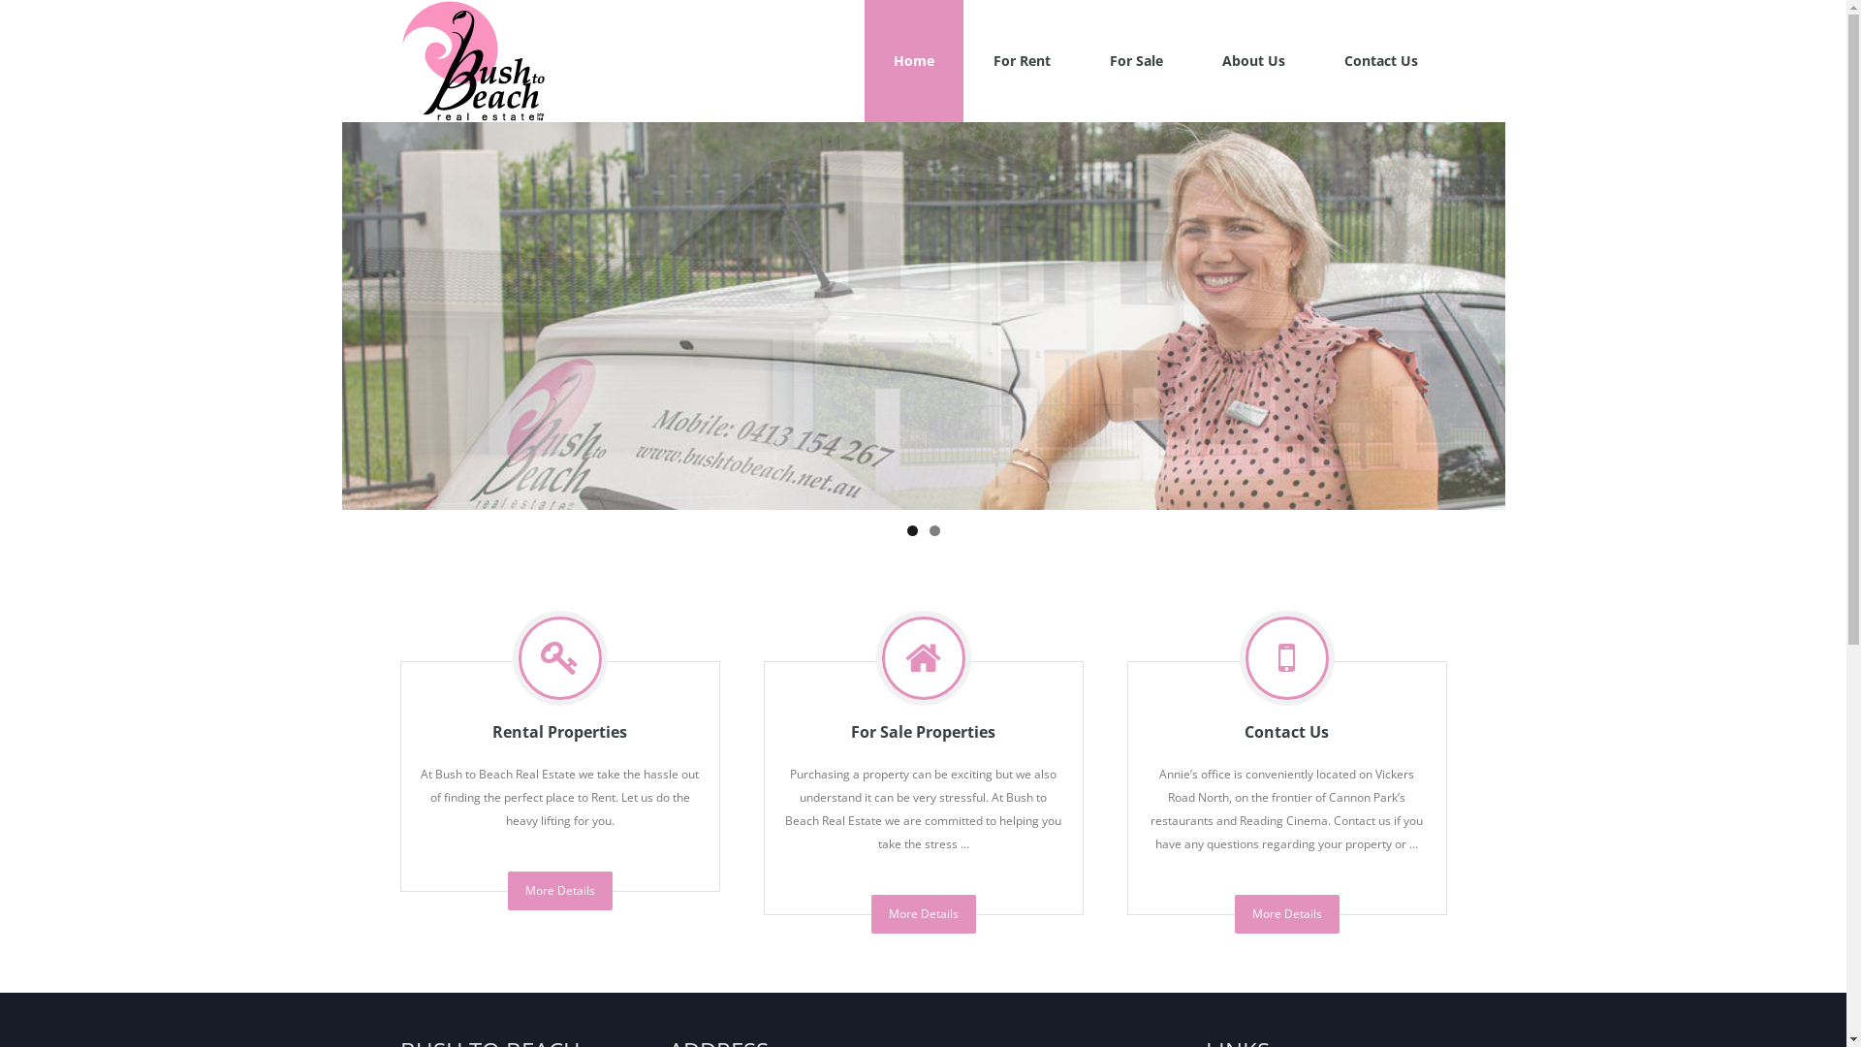  What do you see at coordinates (471, 59) in the screenshot?
I see `'Bush to Beach Real Estate Pty Ltd'` at bounding box center [471, 59].